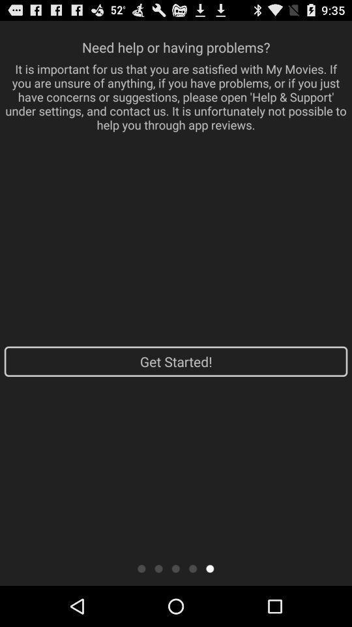  Describe the element at coordinates (192, 568) in the screenshot. I see `switch to previous page` at that location.